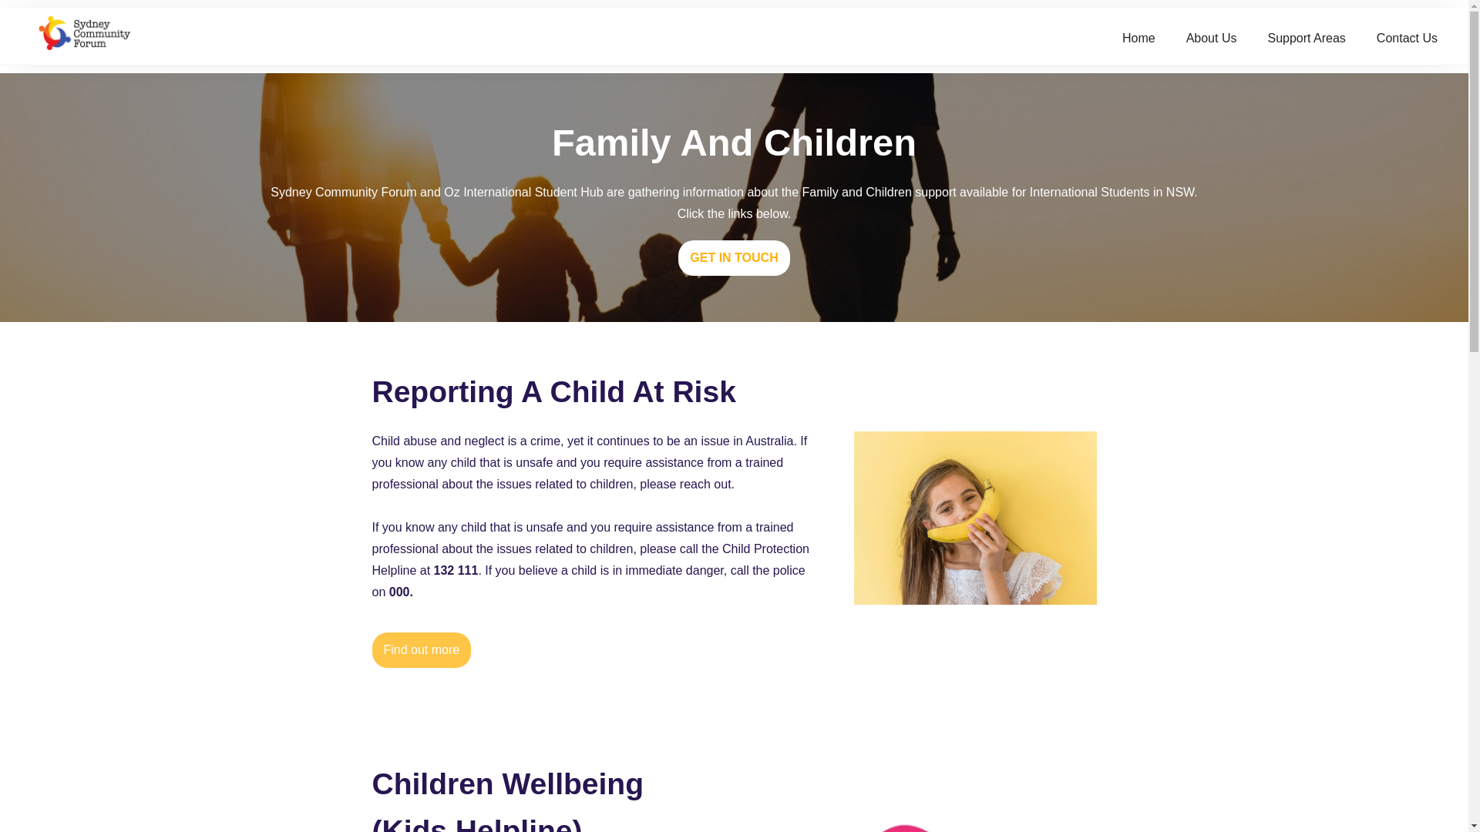  What do you see at coordinates (1407, 38) in the screenshot?
I see `'Contact Us'` at bounding box center [1407, 38].